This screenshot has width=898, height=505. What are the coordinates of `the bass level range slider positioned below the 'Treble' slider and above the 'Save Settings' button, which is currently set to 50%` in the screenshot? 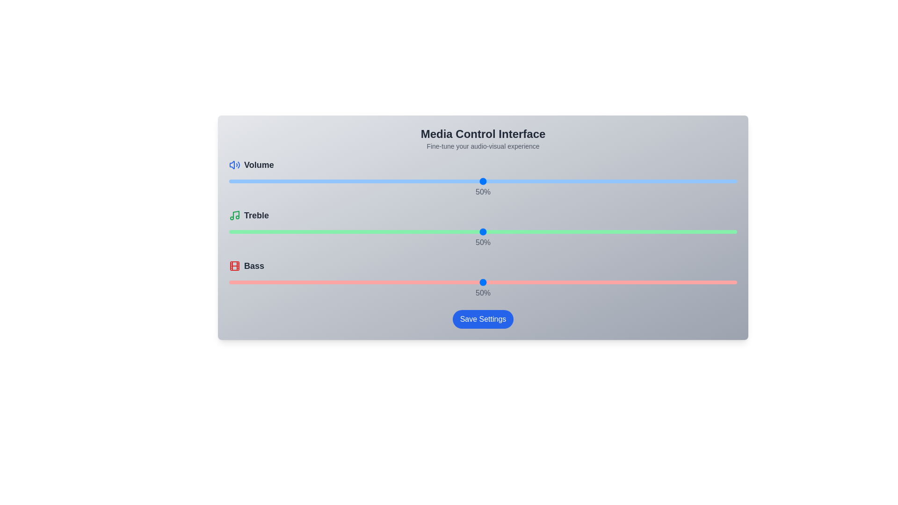 It's located at (483, 282).